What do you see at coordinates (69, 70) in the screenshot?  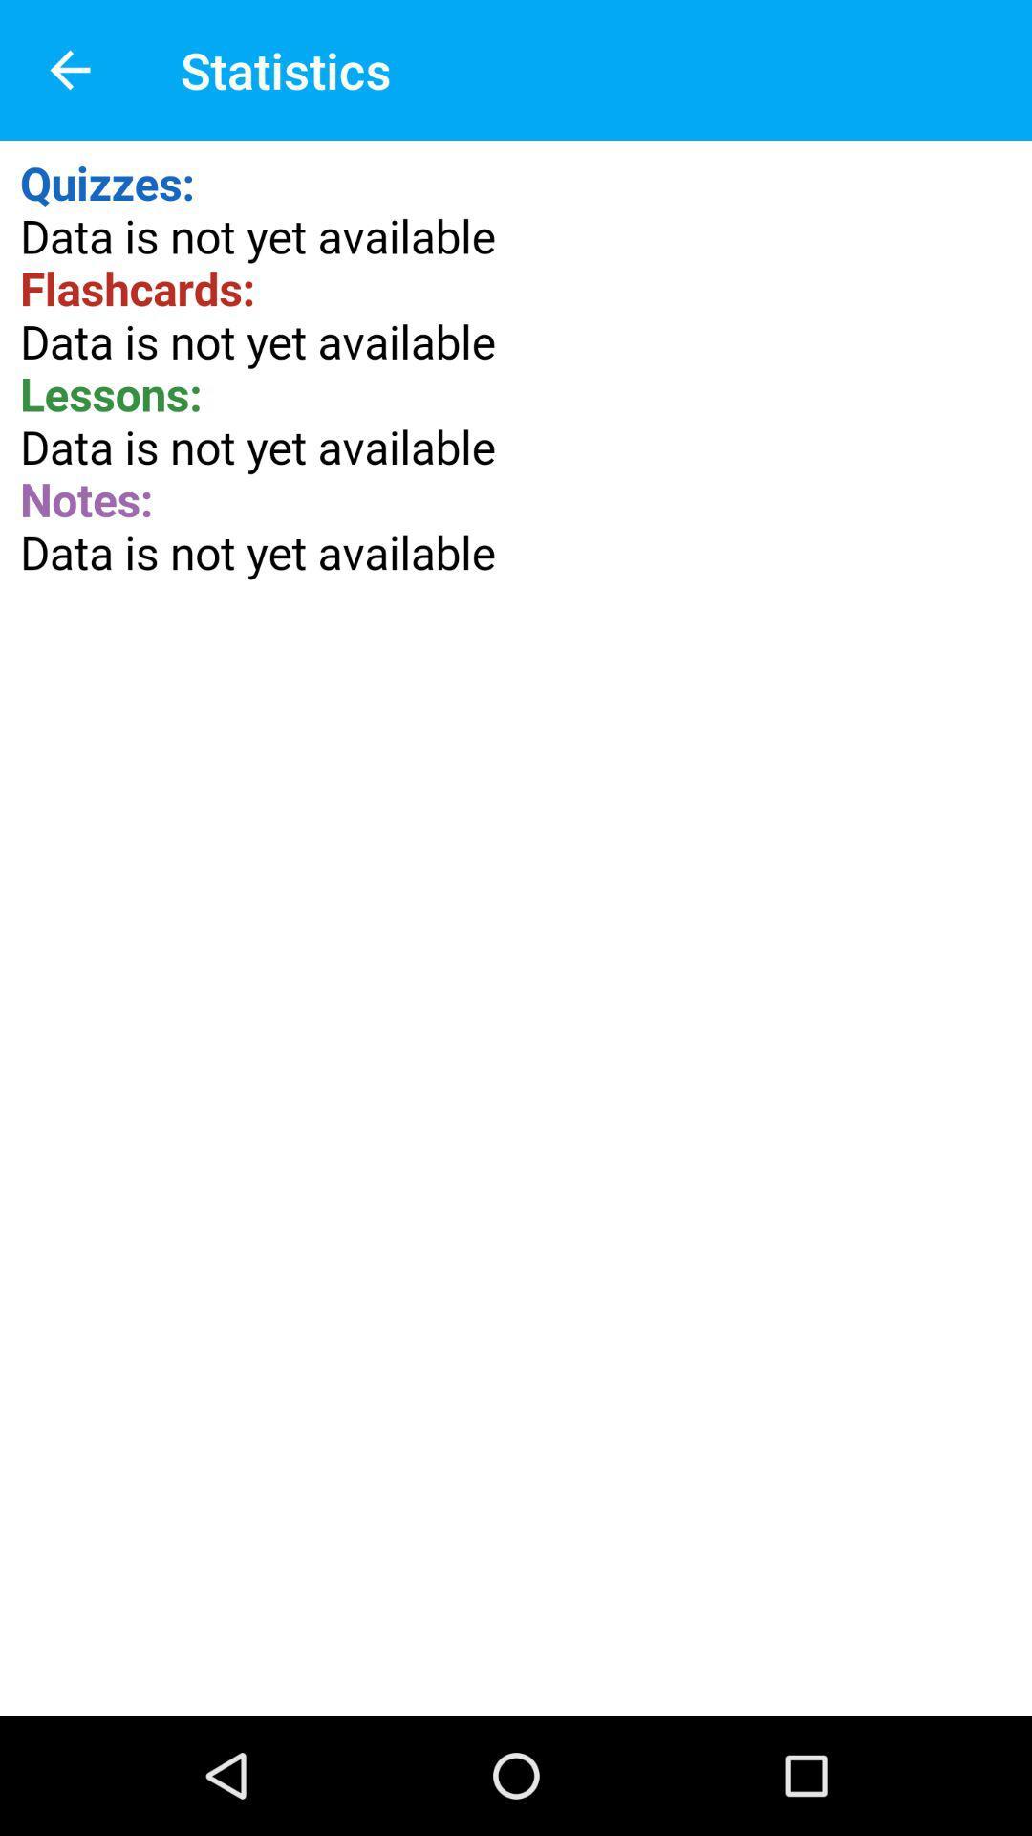 I see `the item to the left of statistics` at bounding box center [69, 70].